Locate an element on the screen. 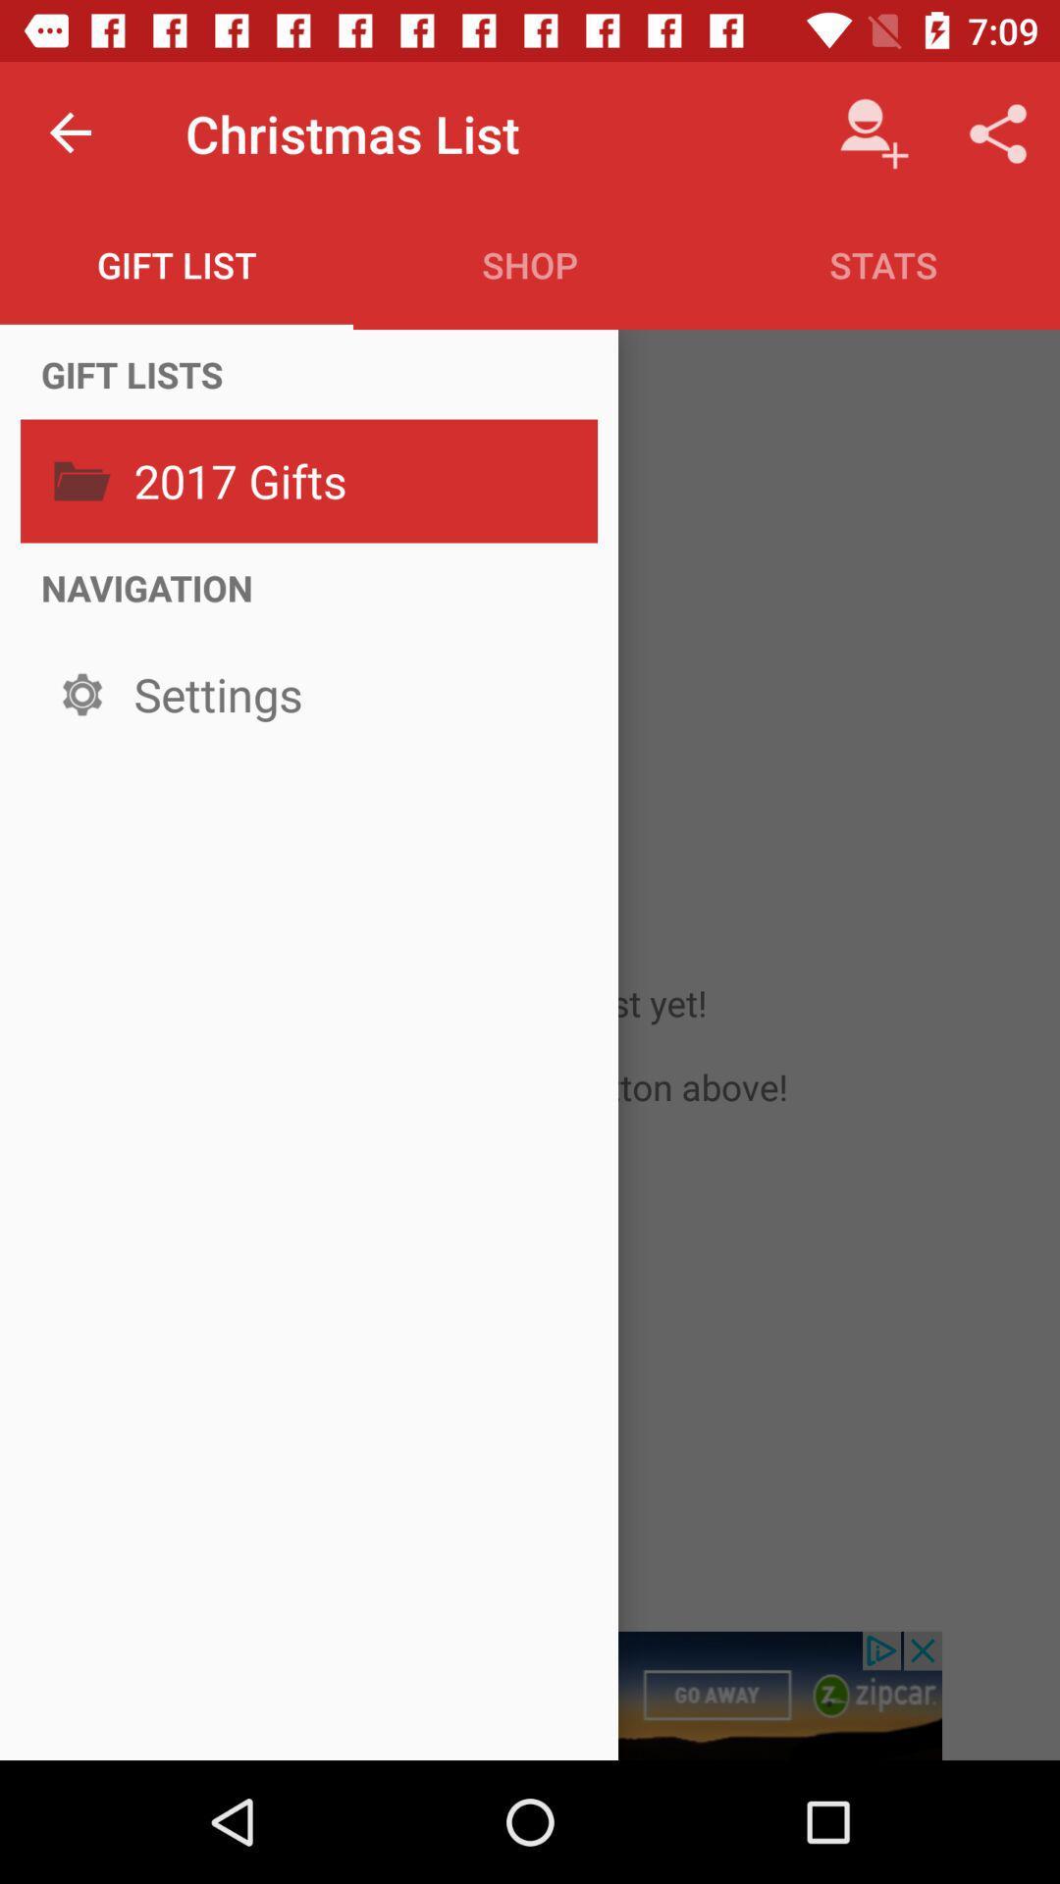 Image resolution: width=1060 pixels, height=1884 pixels. the item above 2017 gifts icon is located at coordinates (132, 374).